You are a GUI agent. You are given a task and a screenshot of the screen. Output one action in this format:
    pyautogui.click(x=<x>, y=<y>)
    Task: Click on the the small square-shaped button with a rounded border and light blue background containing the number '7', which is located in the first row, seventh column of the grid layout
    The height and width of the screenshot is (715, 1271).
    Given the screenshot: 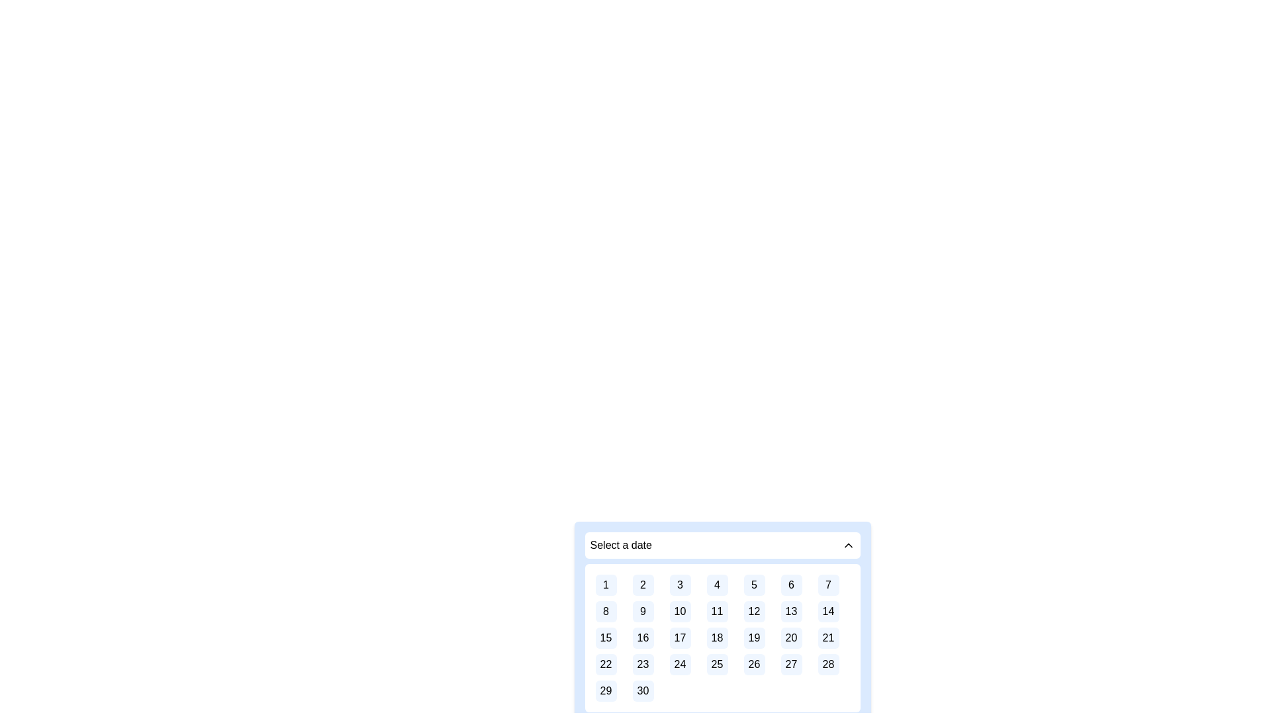 What is the action you would take?
    pyautogui.click(x=827, y=584)
    